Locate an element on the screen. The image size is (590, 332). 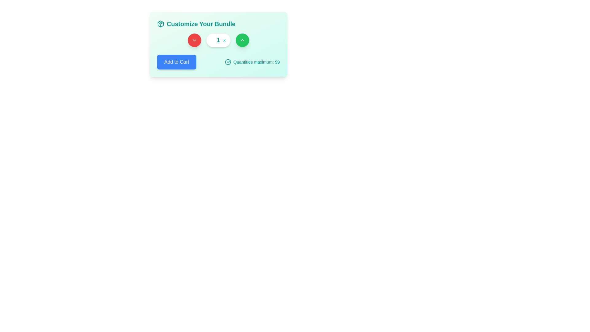
the confirmation icon located near the bottom right of the widget, slightly leftward from the 'Quantities maximum: 99' text is located at coordinates (227, 62).